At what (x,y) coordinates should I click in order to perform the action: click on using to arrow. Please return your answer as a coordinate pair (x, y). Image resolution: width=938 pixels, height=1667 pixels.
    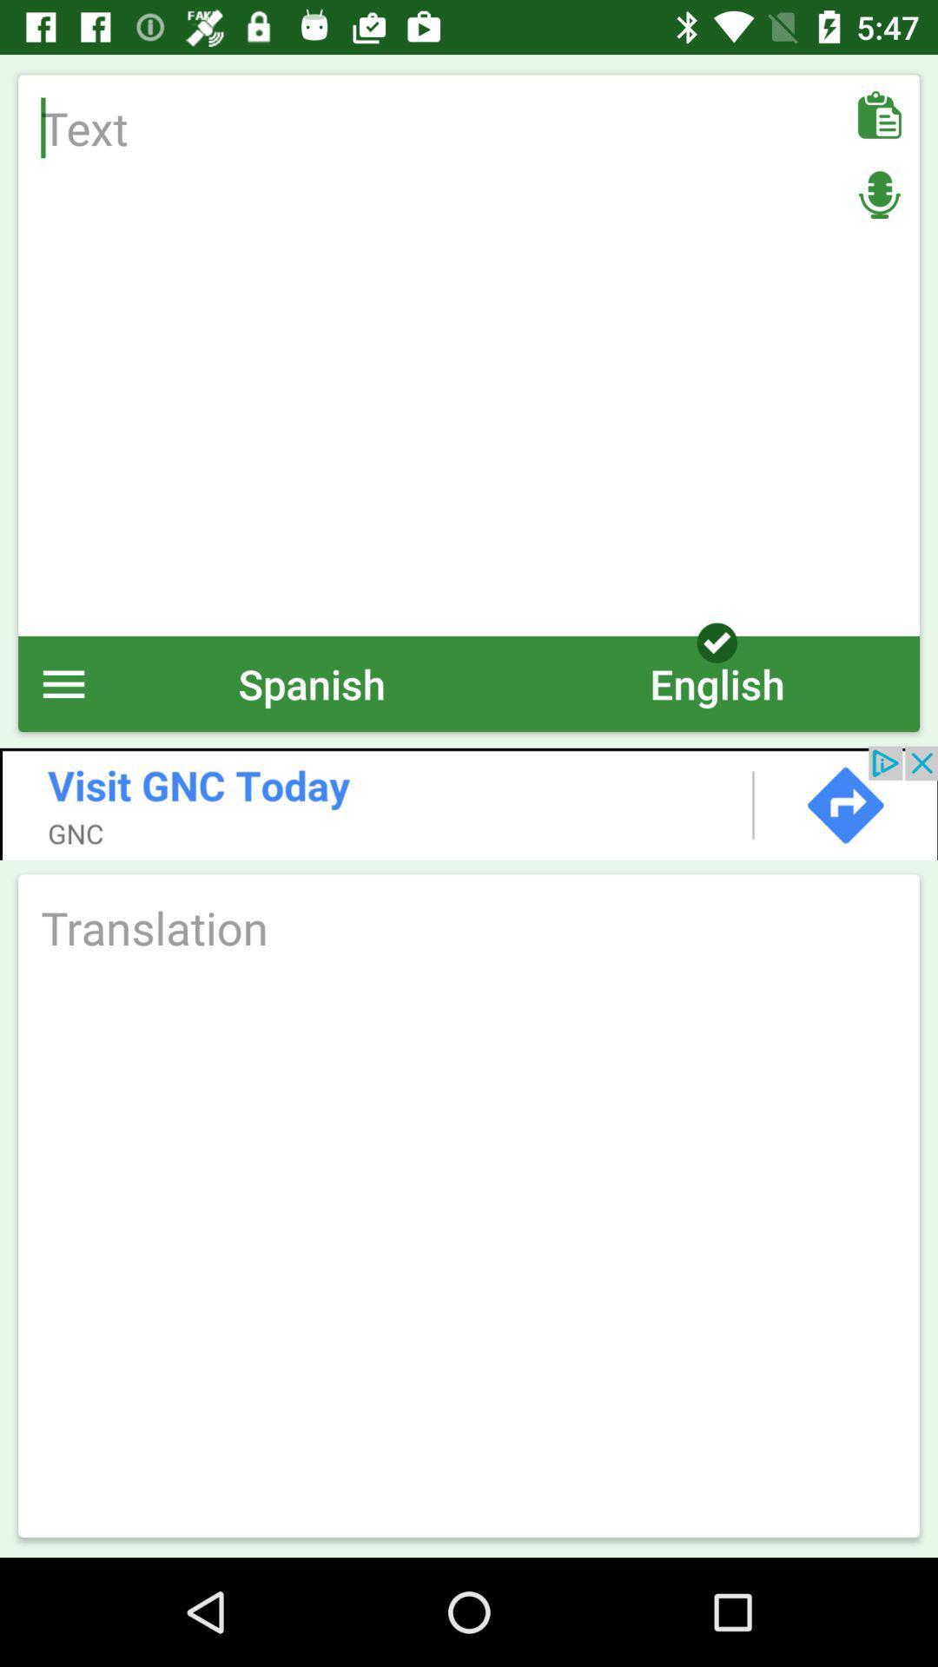
    Looking at the image, I should click on (469, 802).